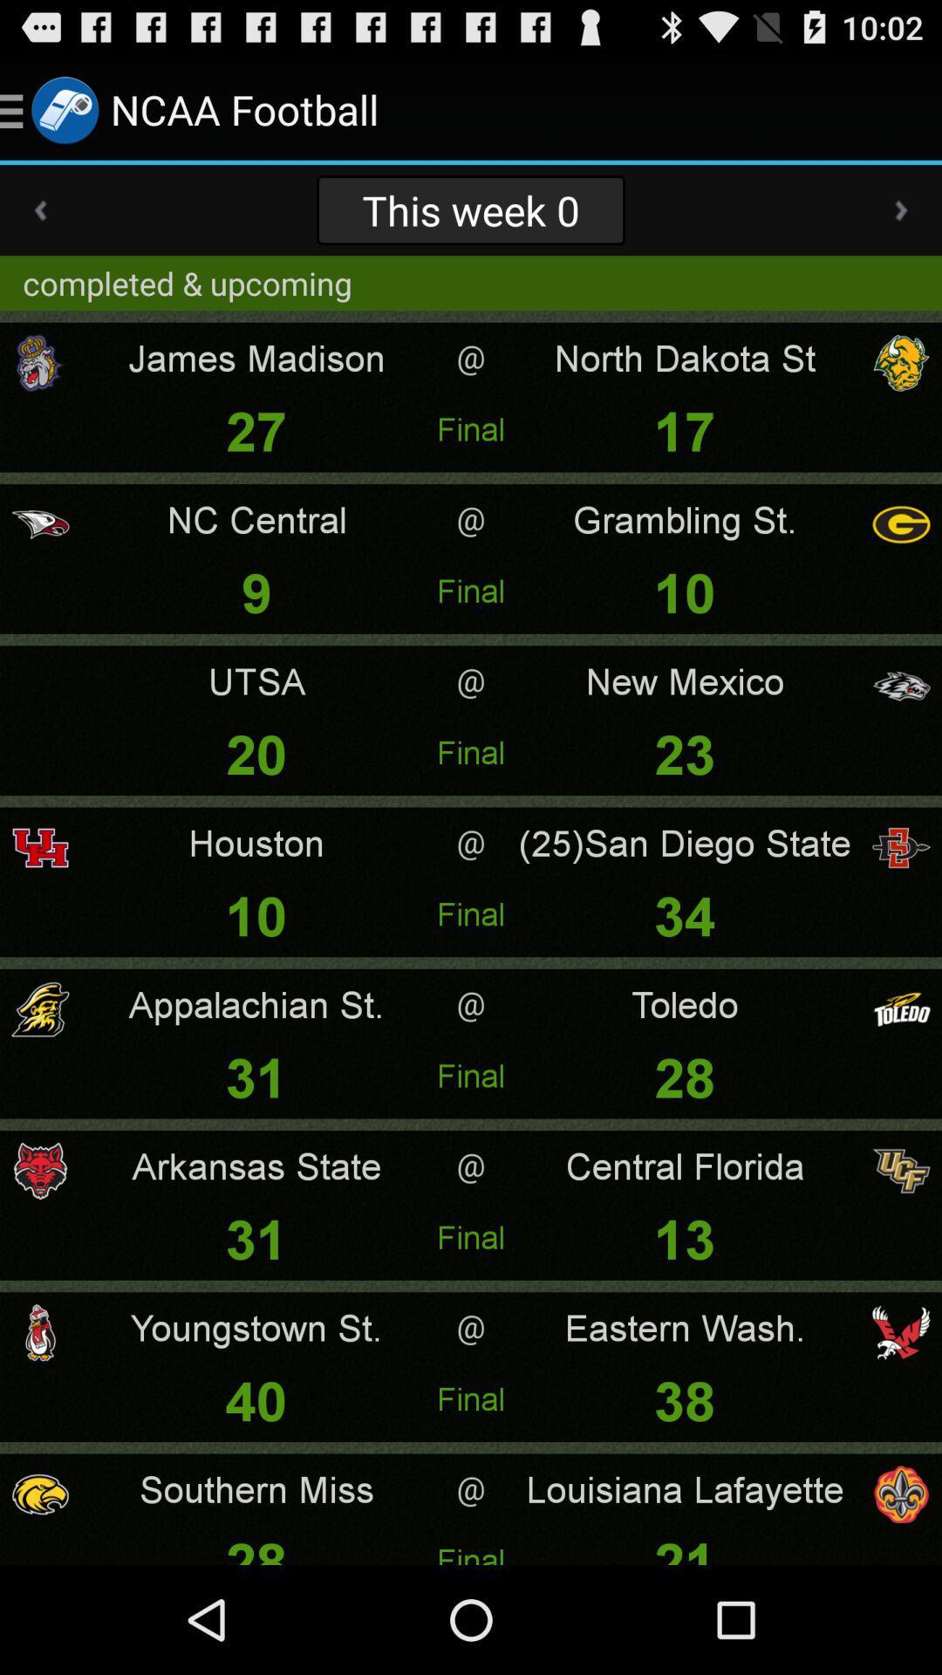 This screenshot has width=942, height=1675. Describe the element at coordinates (901, 209) in the screenshot. I see `the icon to the right of this week 0 item` at that location.